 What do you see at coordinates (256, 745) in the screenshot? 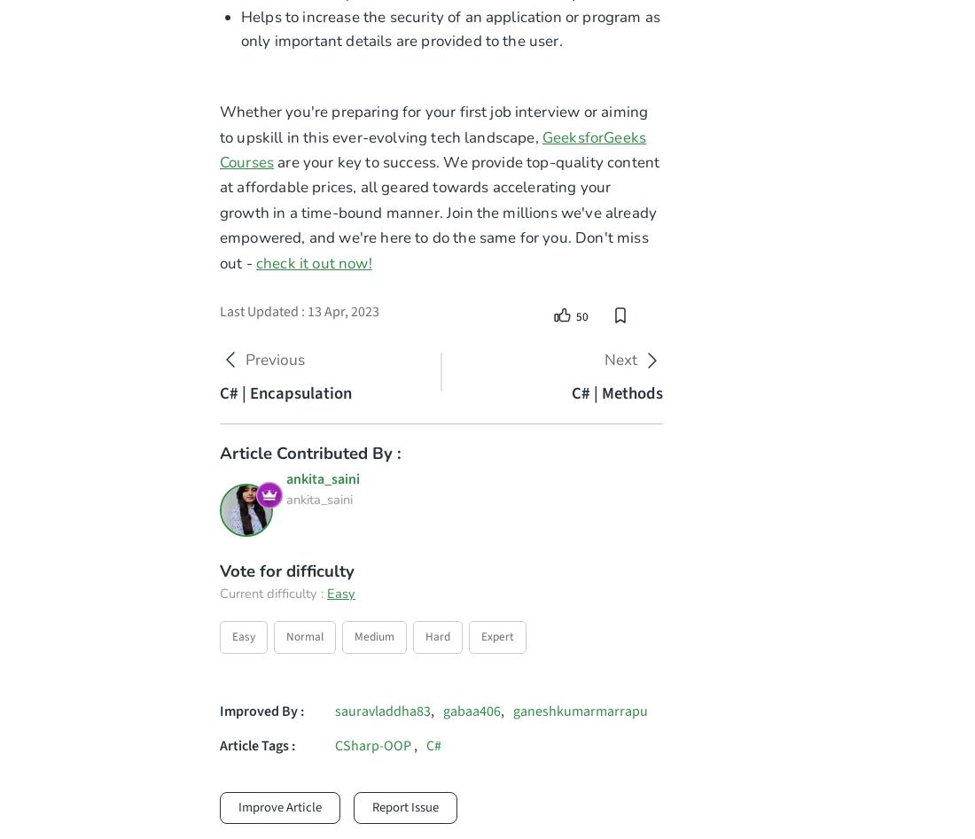
I see `'Article Tags :'` at bounding box center [256, 745].